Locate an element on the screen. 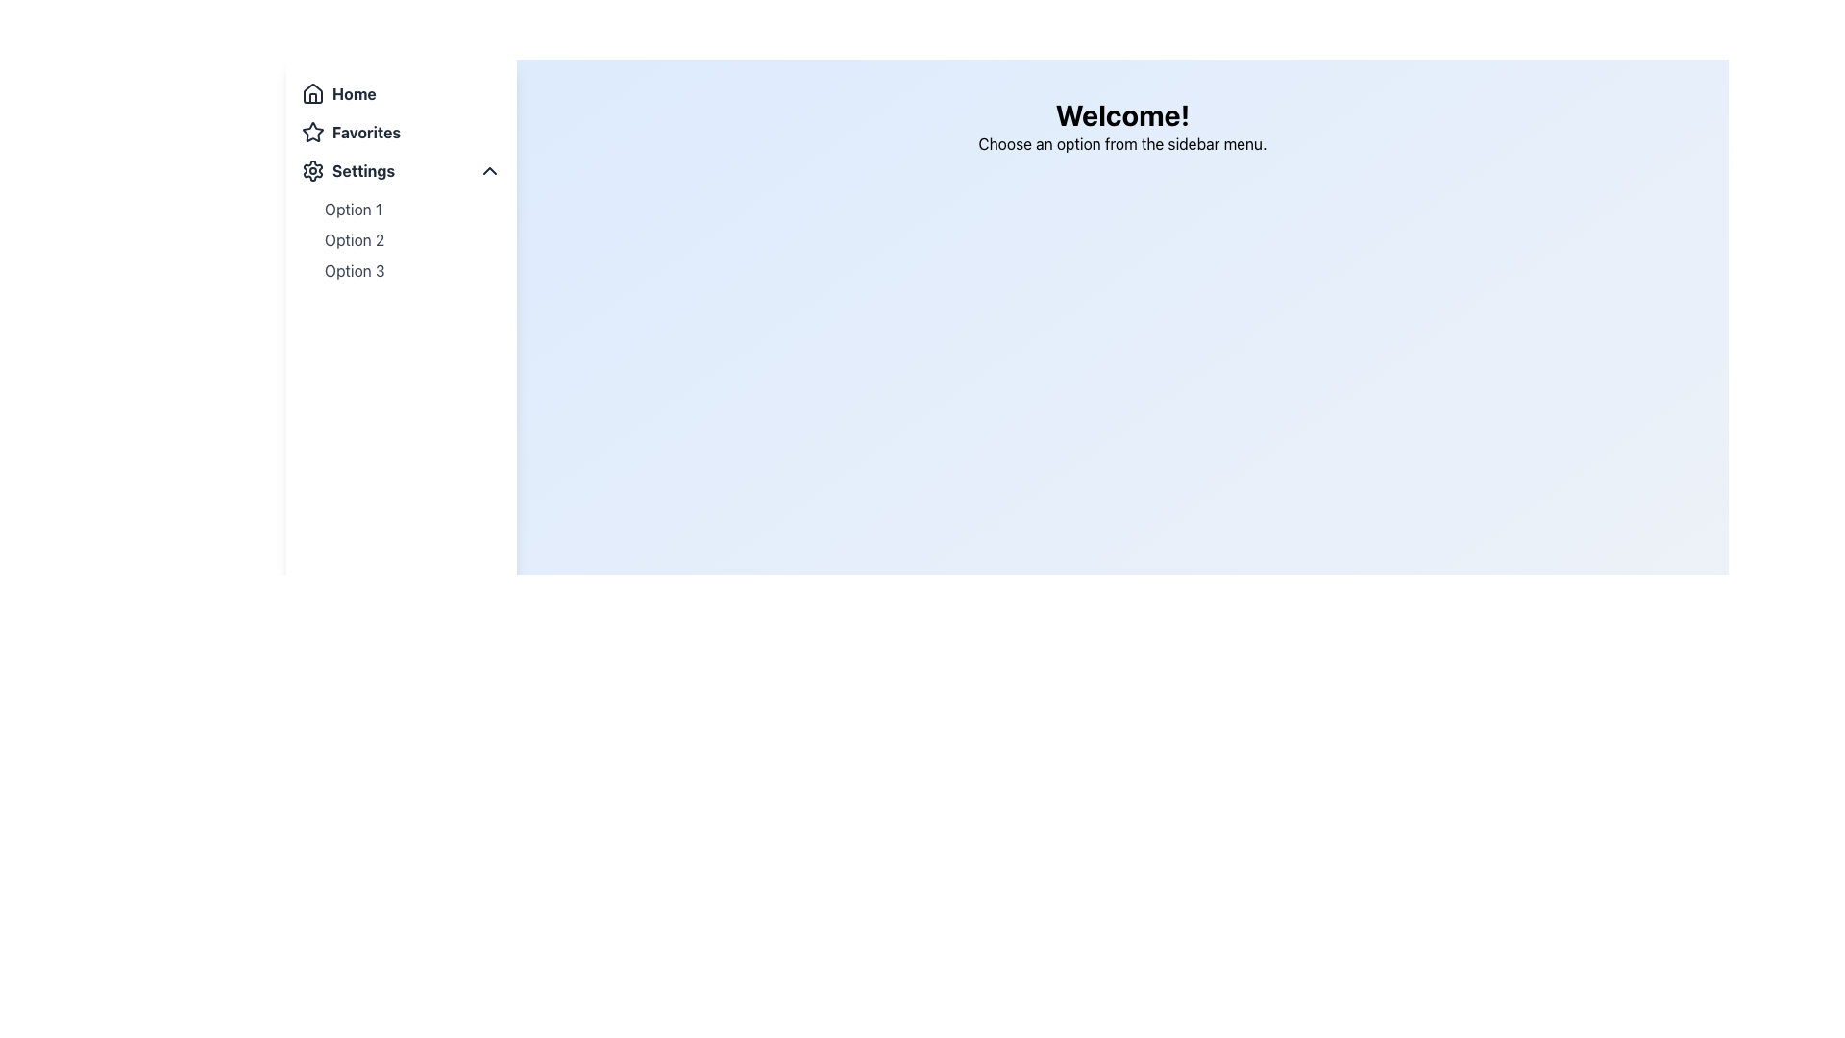 This screenshot has width=1845, height=1038. the star-shaped icon located in the 'Favorites' menu item in the sidebar, which is positioned below 'Home' and above 'Settings' is located at coordinates (313, 131).